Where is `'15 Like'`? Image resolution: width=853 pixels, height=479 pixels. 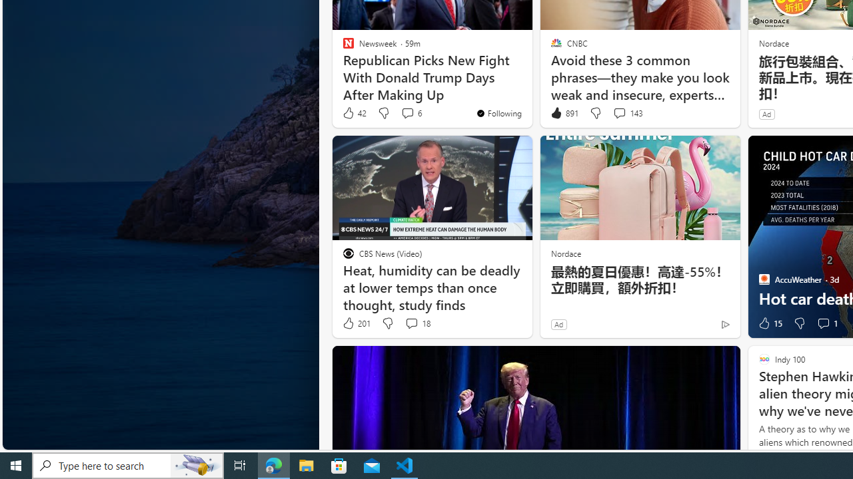 '15 Like' is located at coordinates (769, 323).